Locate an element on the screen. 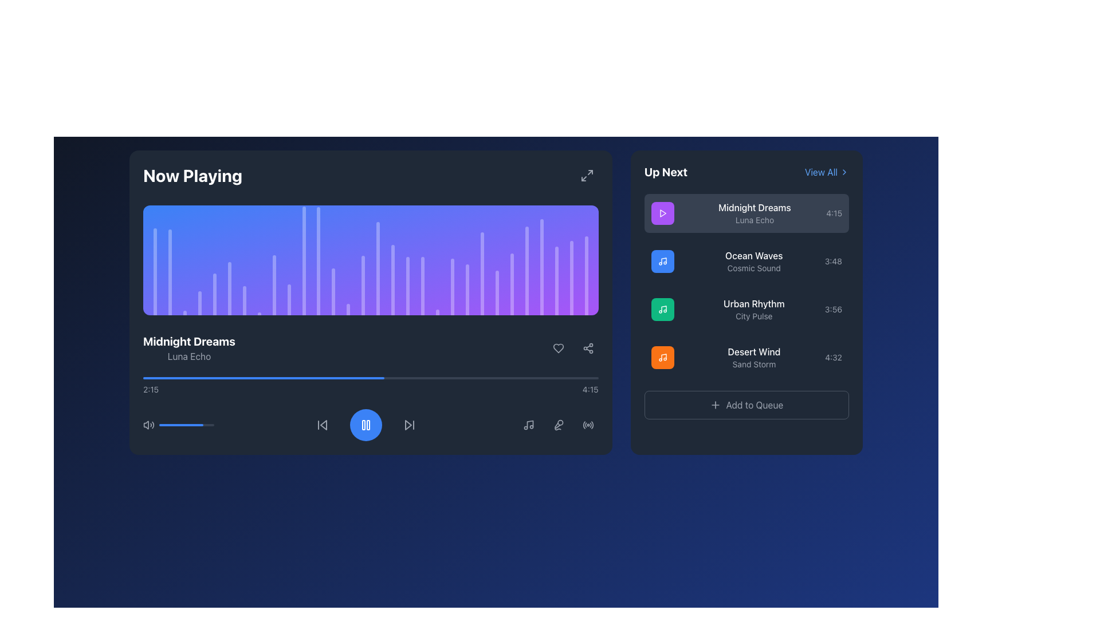  the second item in the 'Up Next' playlist, which represents a music track, located between 'Midnight Dreams' and 'Urban Rhythm' is located at coordinates (747, 261).